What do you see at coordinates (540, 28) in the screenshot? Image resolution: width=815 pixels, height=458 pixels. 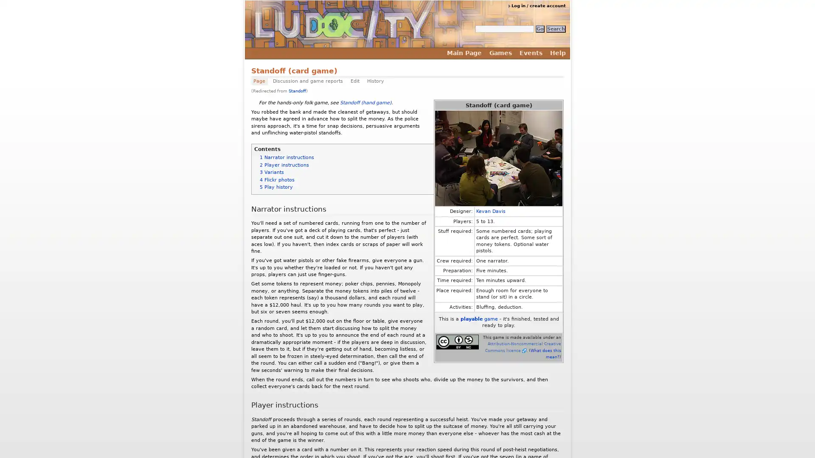 I see `Go` at bounding box center [540, 28].